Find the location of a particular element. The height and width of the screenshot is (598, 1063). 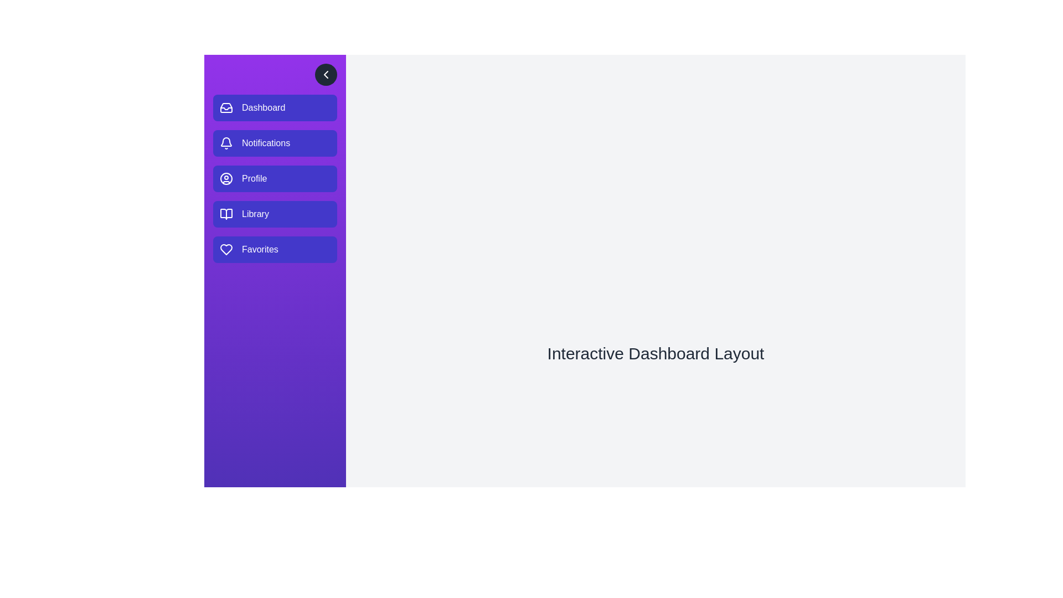

toggle button to change the drawer's state is located at coordinates (326, 75).